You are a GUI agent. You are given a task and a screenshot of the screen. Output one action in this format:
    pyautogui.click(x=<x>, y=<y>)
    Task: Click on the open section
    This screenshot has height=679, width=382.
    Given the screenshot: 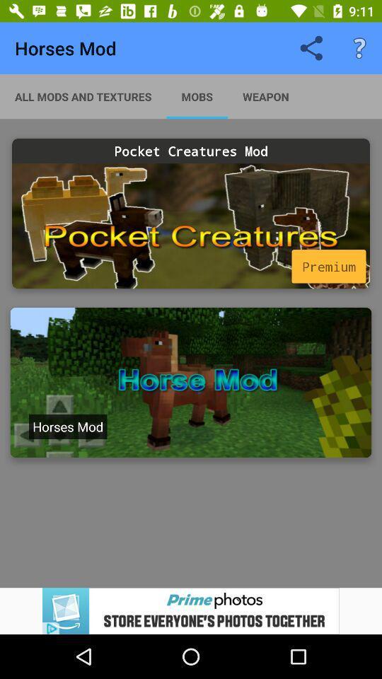 What is the action you would take?
    pyautogui.click(x=191, y=383)
    